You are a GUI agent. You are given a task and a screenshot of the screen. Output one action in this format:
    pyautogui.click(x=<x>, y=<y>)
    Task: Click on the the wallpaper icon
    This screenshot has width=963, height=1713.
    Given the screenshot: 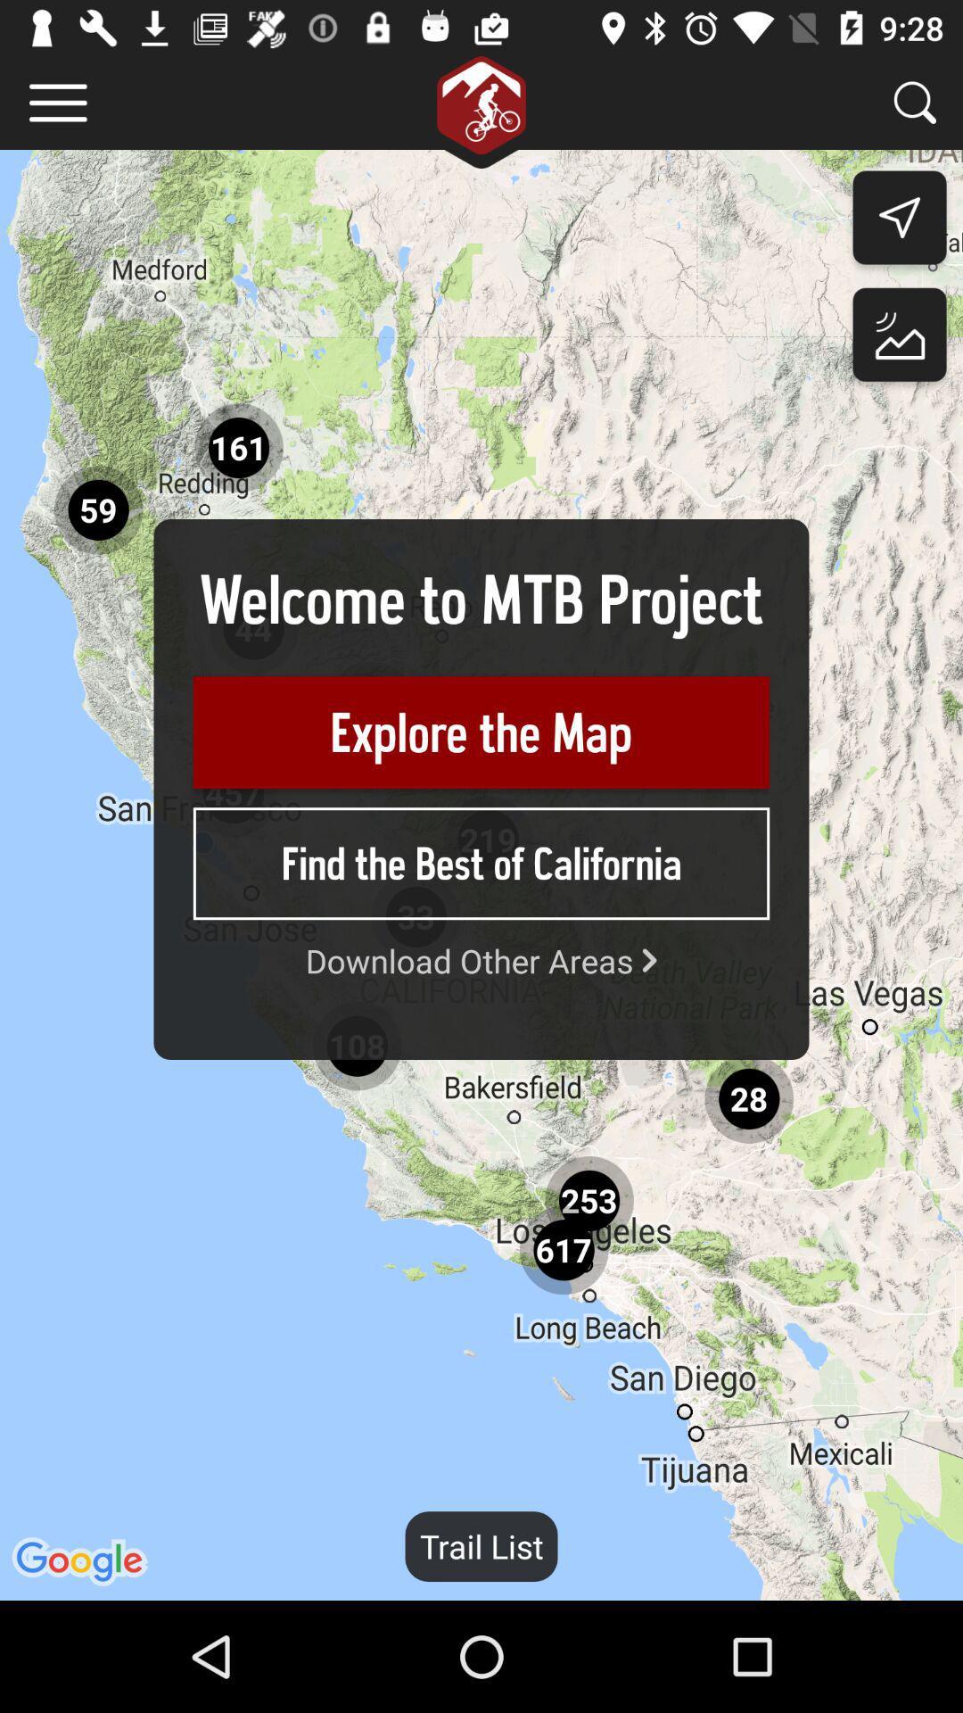 What is the action you would take?
    pyautogui.click(x=900, y=339)
    